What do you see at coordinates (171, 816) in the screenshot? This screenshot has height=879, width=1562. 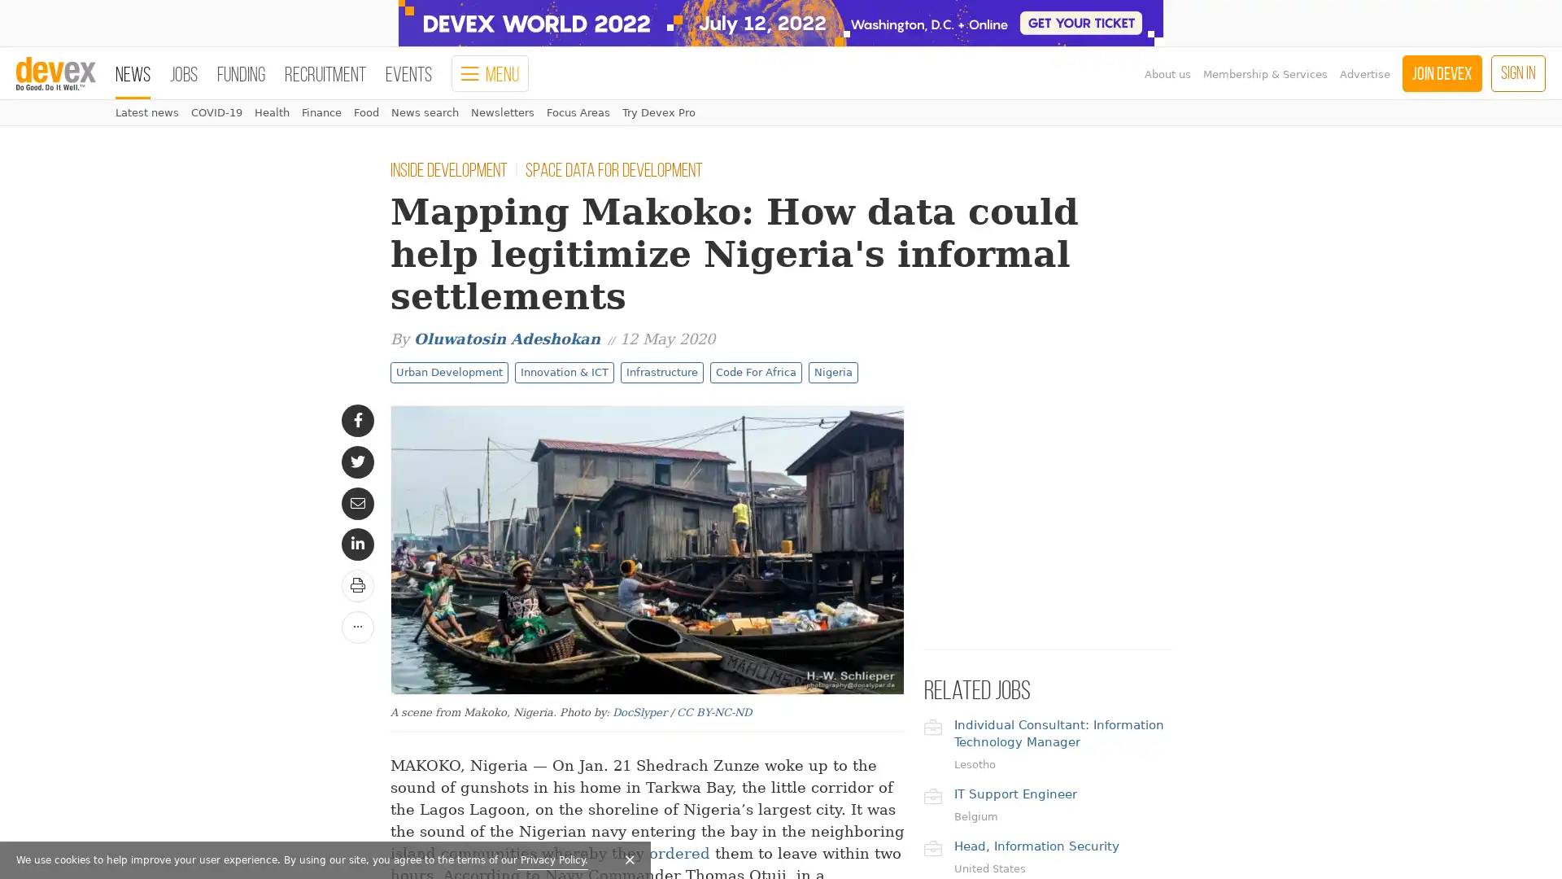 I see `Sign up` at bounding box center [171, 816].